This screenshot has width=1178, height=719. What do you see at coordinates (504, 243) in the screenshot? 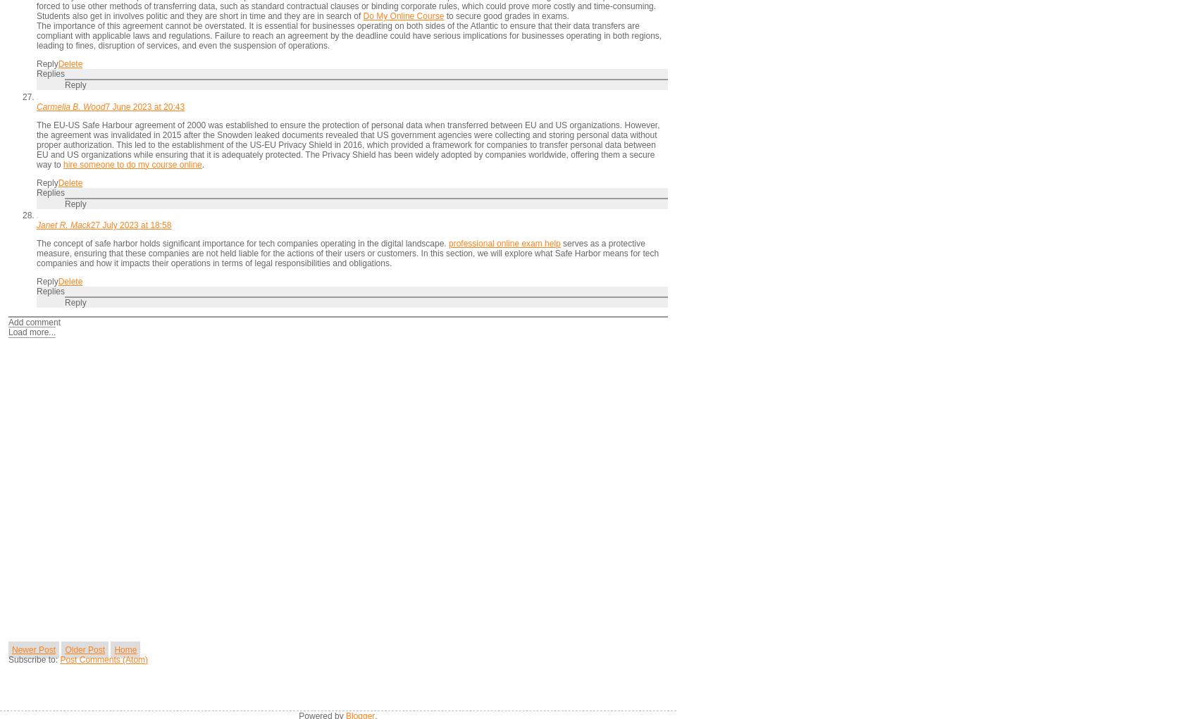
I see `'professional online exam help'` at bounding box center [504, 243].